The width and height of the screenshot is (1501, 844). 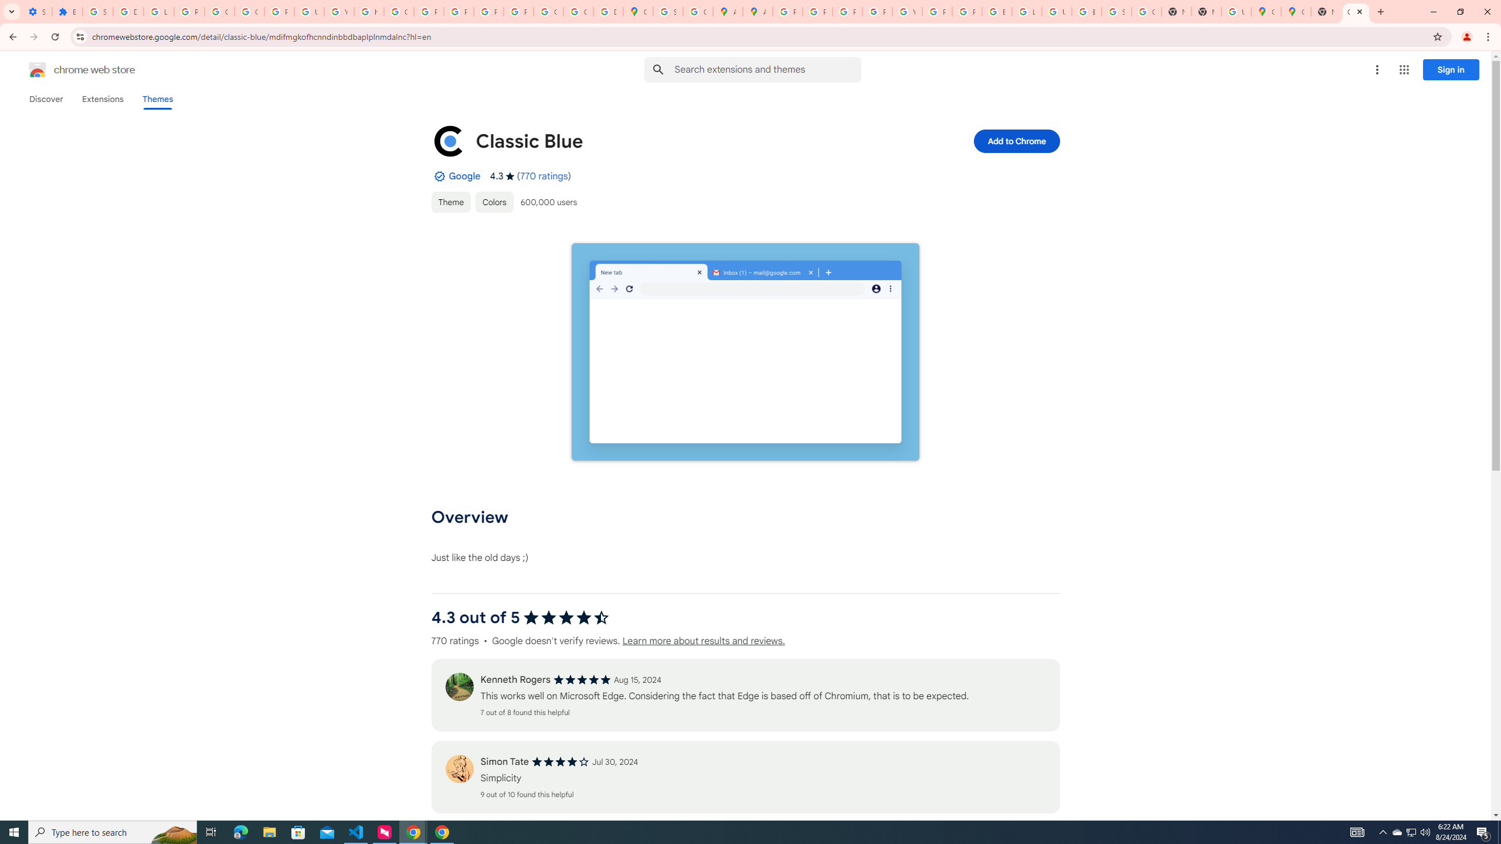 What do you see at coordinates (449, 141) in the screenshot?
I see `'Item logo image for Classic Blue'` at bounding box center [449, 141].